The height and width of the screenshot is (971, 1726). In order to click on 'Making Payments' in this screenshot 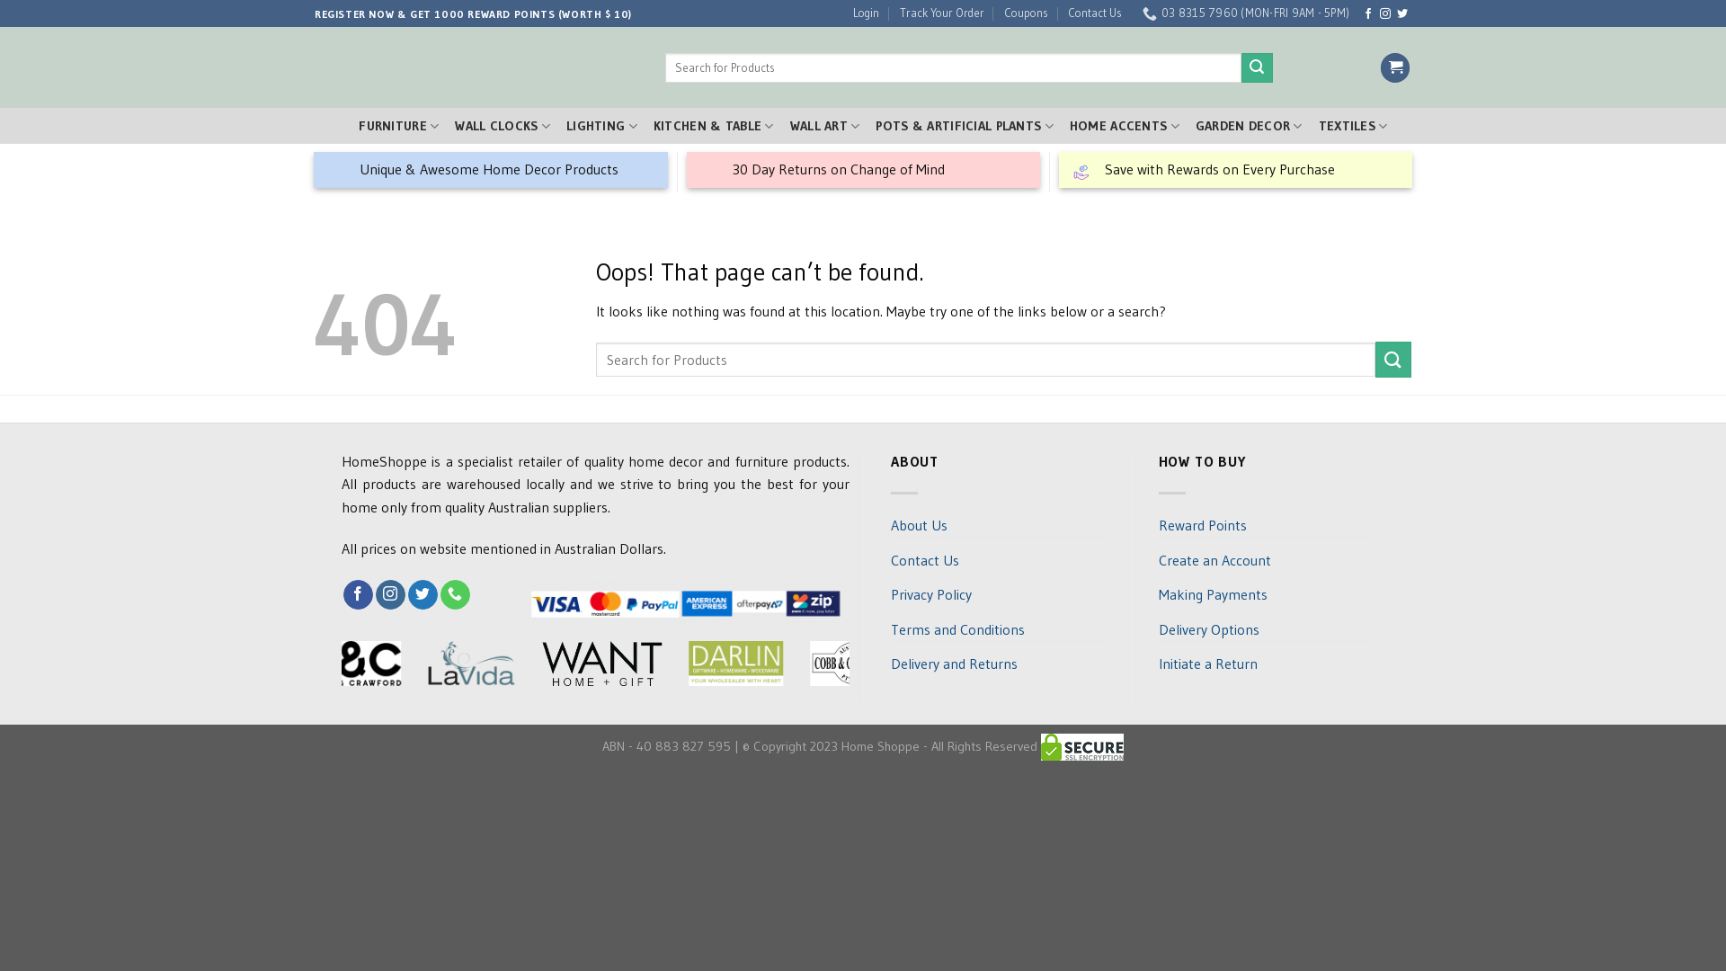, I will do `click(1212, 595)`.